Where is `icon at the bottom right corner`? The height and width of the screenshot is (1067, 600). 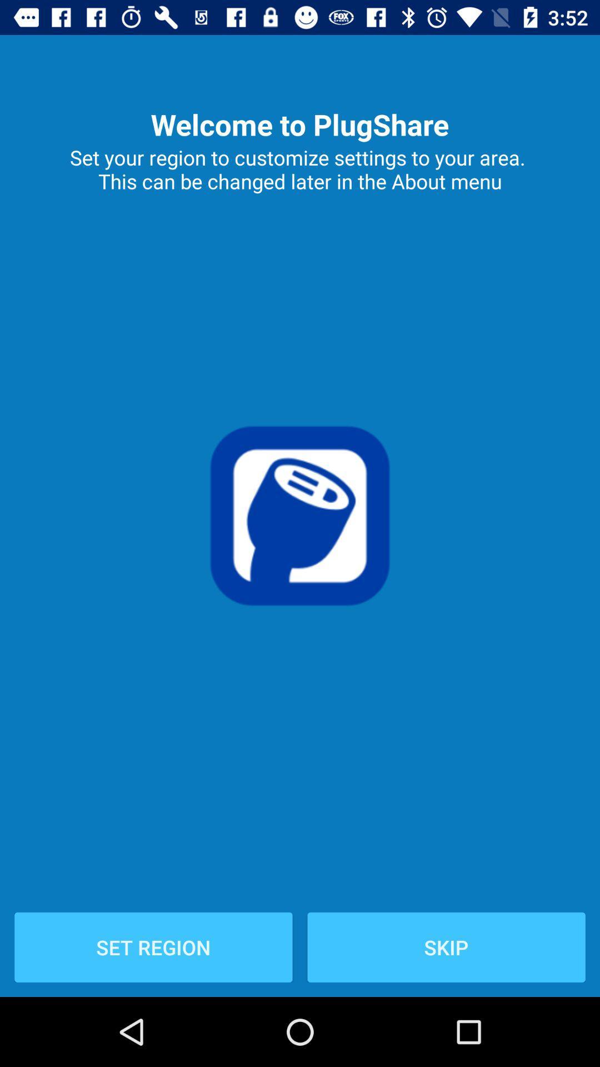 icon at the bottom right corner is located at coordinates (446, 946).